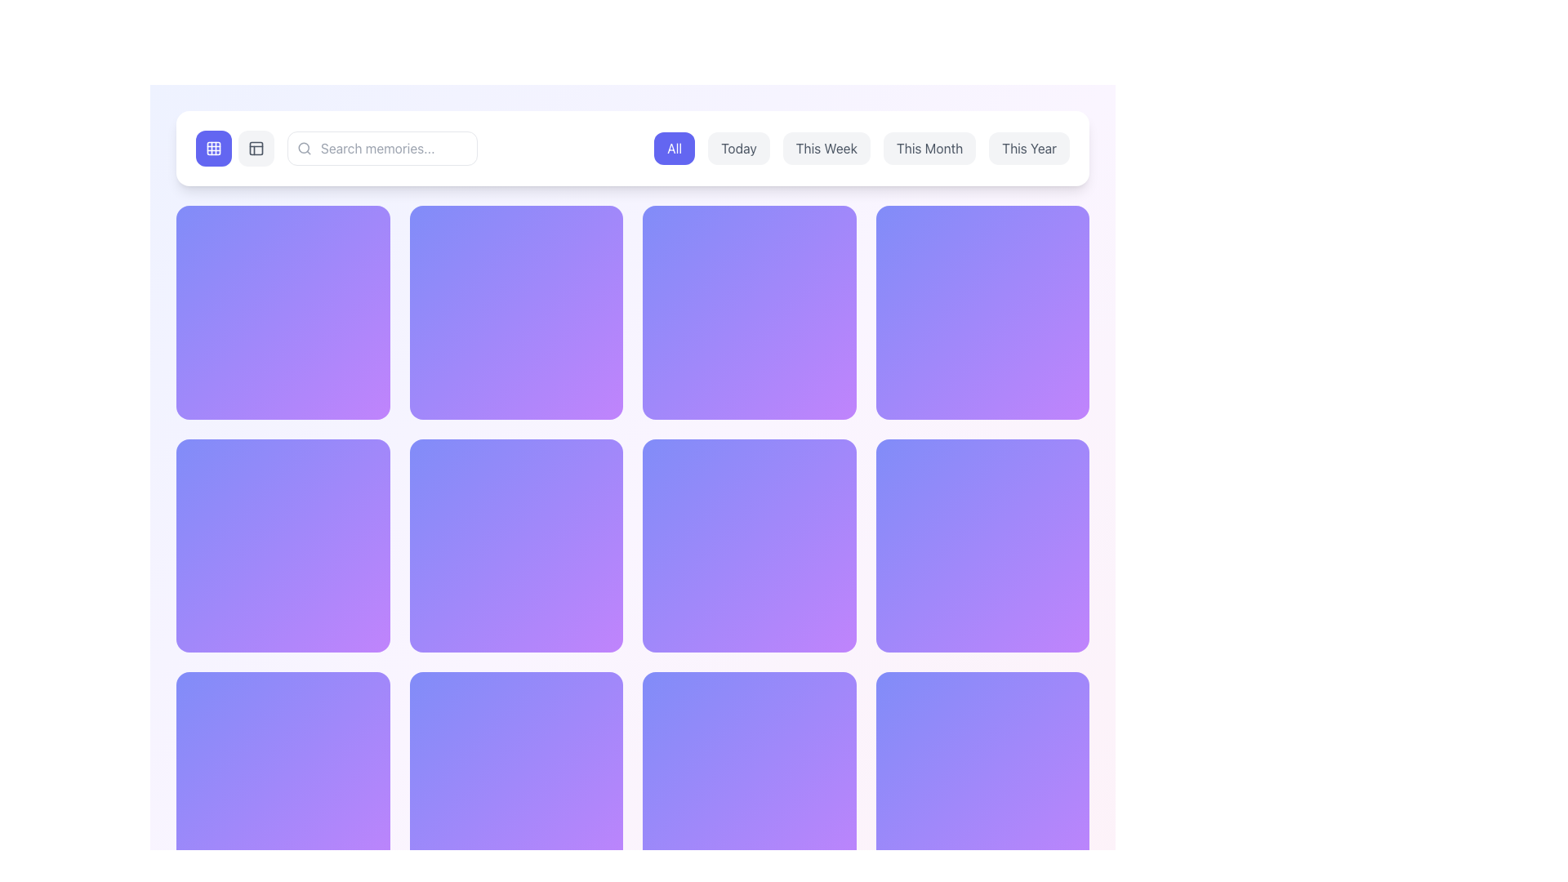  I want to click on the indigo rounded rectangular button labeled 'All' to apply the filter, so click(675, 148).